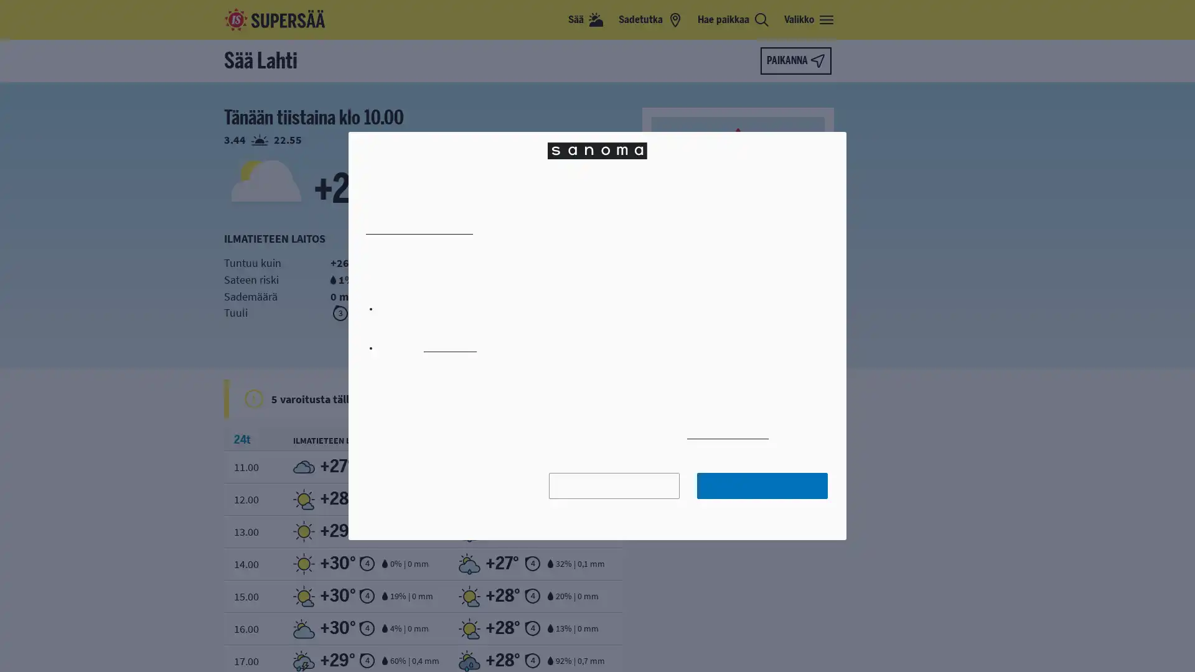  I want to click on Valikko, so click(809, 19).